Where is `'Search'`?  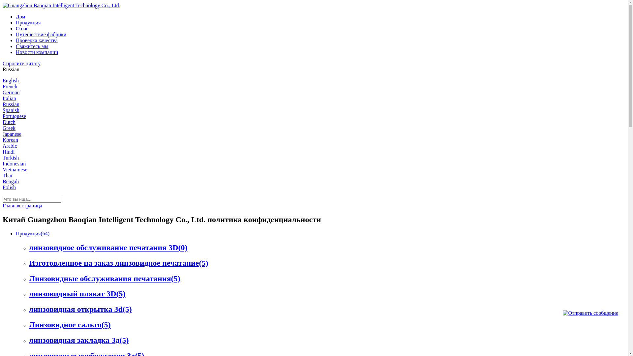
'Search' is located at coordinates (9, 3).